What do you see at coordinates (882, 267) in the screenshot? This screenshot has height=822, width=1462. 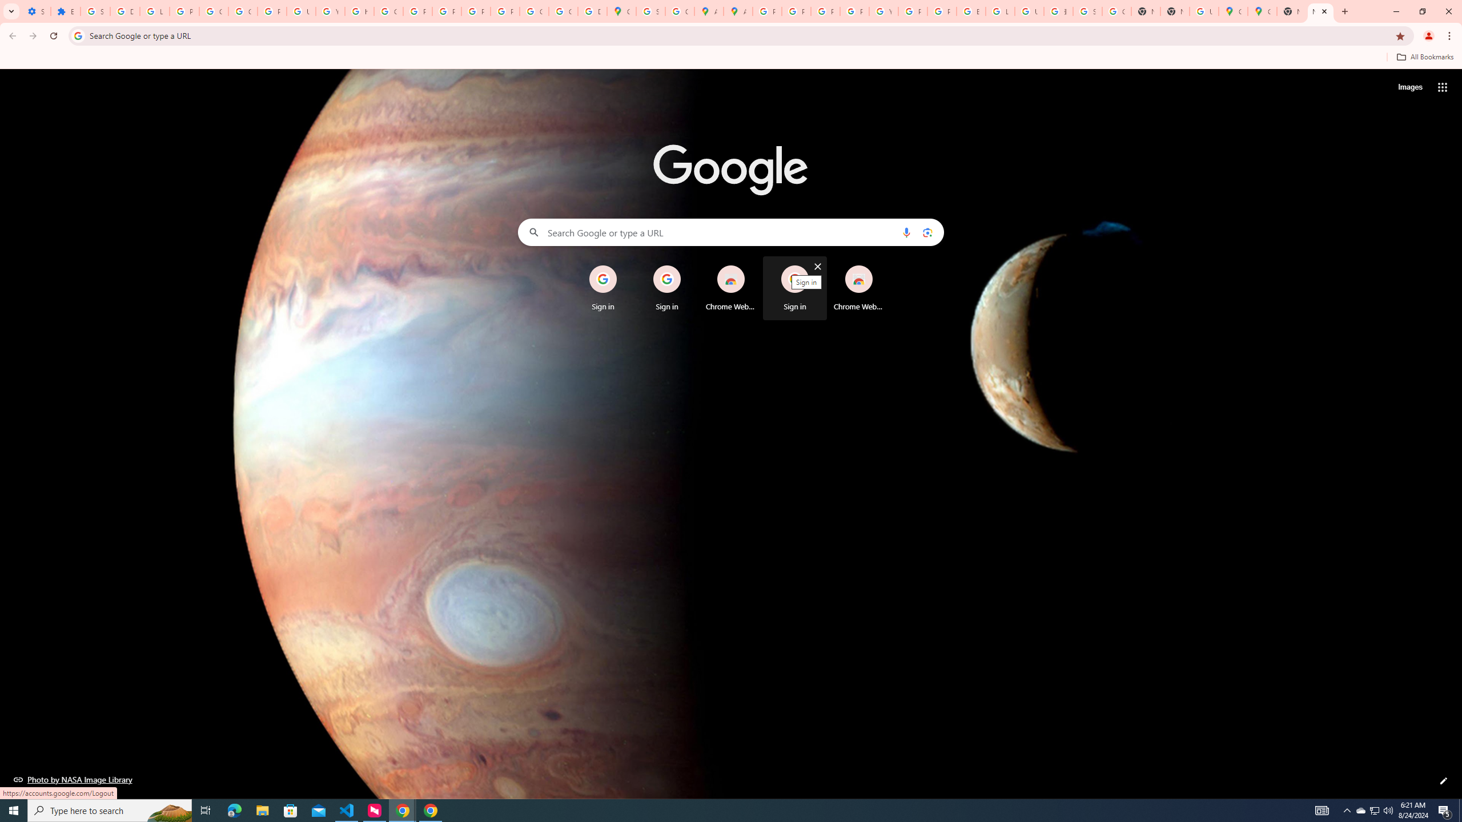 I see `'Remove'` at bounding box center [882, 267].